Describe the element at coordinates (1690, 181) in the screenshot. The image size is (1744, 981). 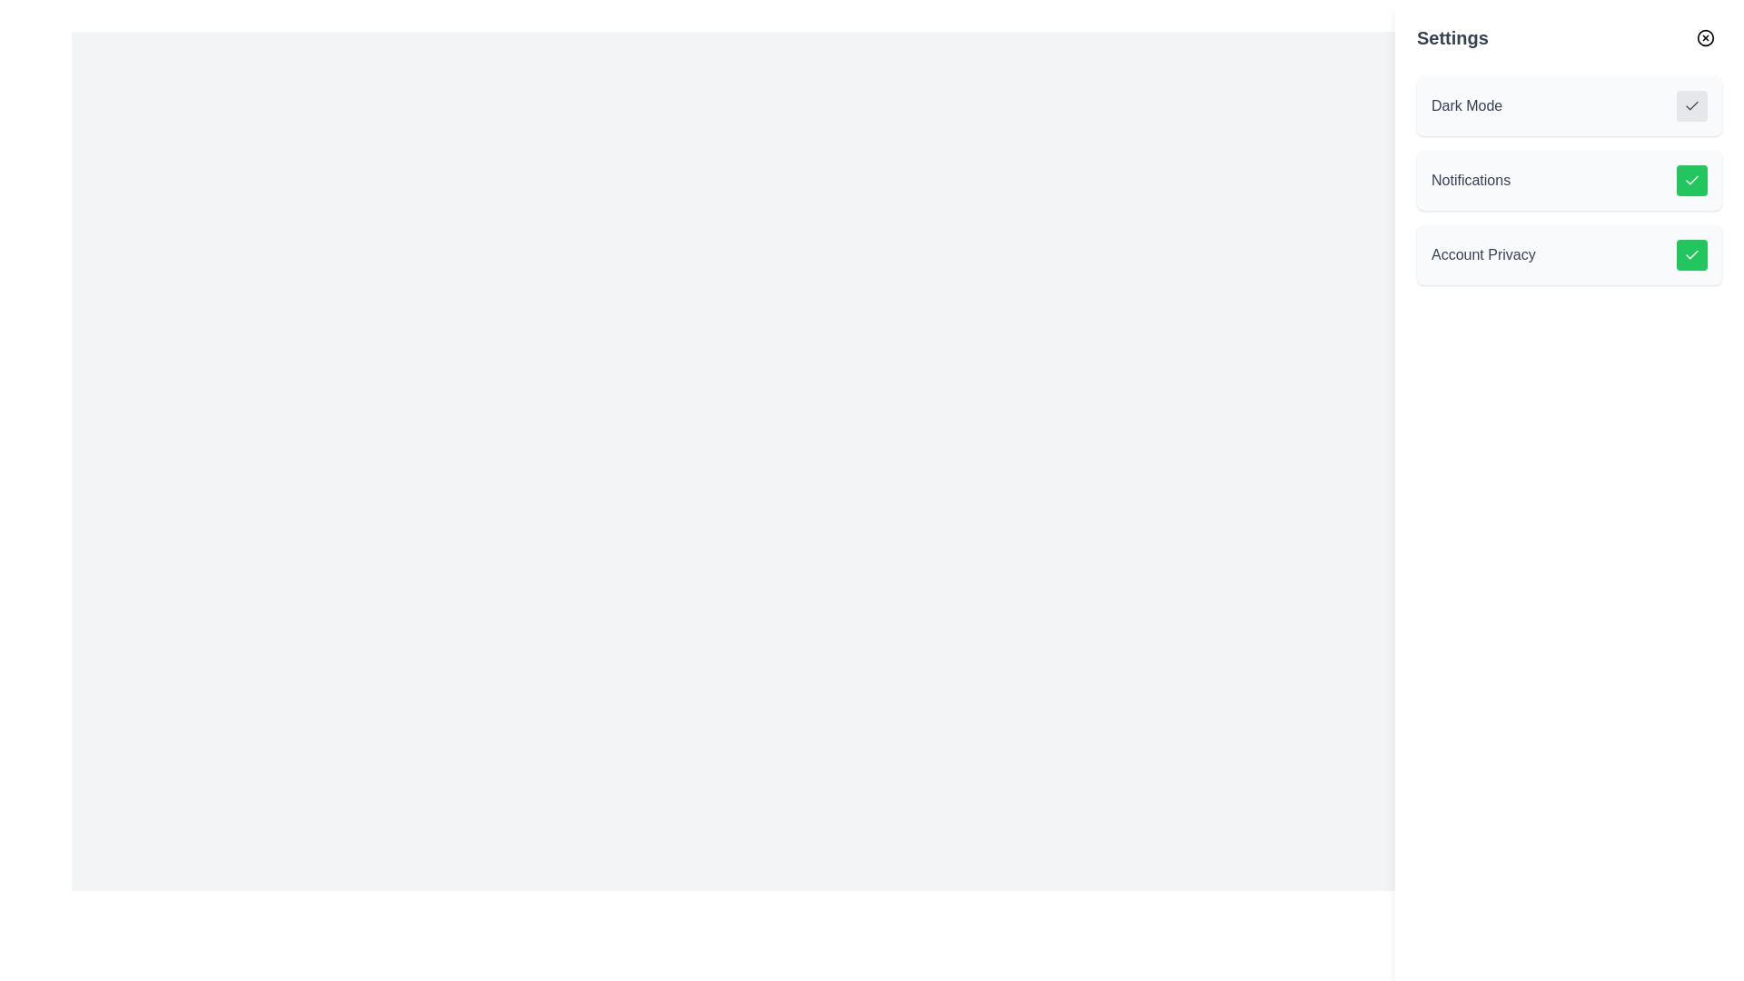
I see `the green rounded rectangle toggle indicator with a white checkmark in the Notifications settings` at that location.